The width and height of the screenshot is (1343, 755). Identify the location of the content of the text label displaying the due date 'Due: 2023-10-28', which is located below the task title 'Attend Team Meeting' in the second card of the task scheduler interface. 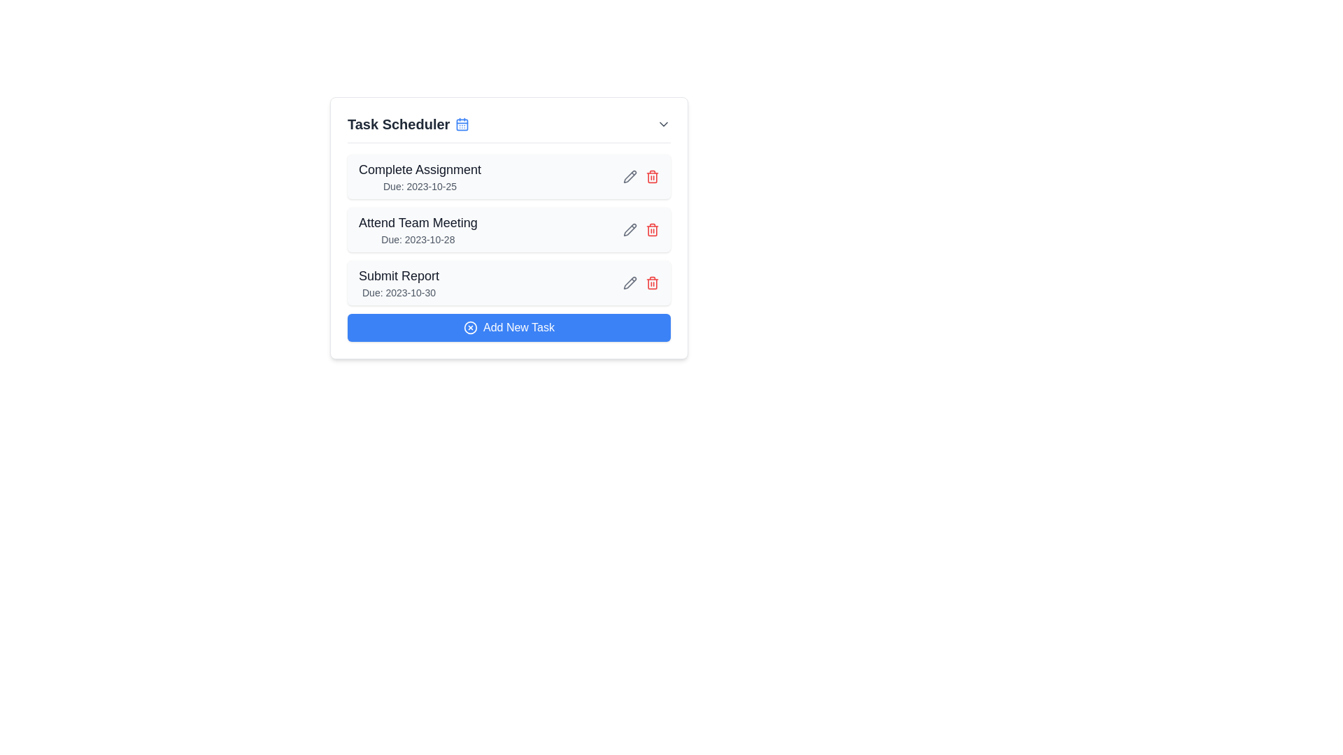
(417, 239).